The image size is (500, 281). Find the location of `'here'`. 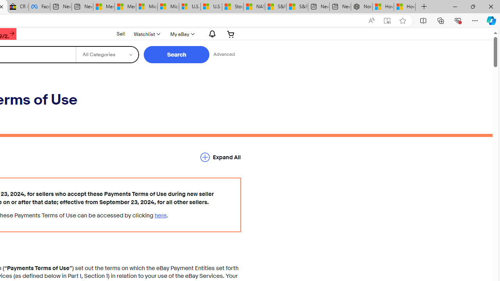

'here' is located at coordinates (160, 215).